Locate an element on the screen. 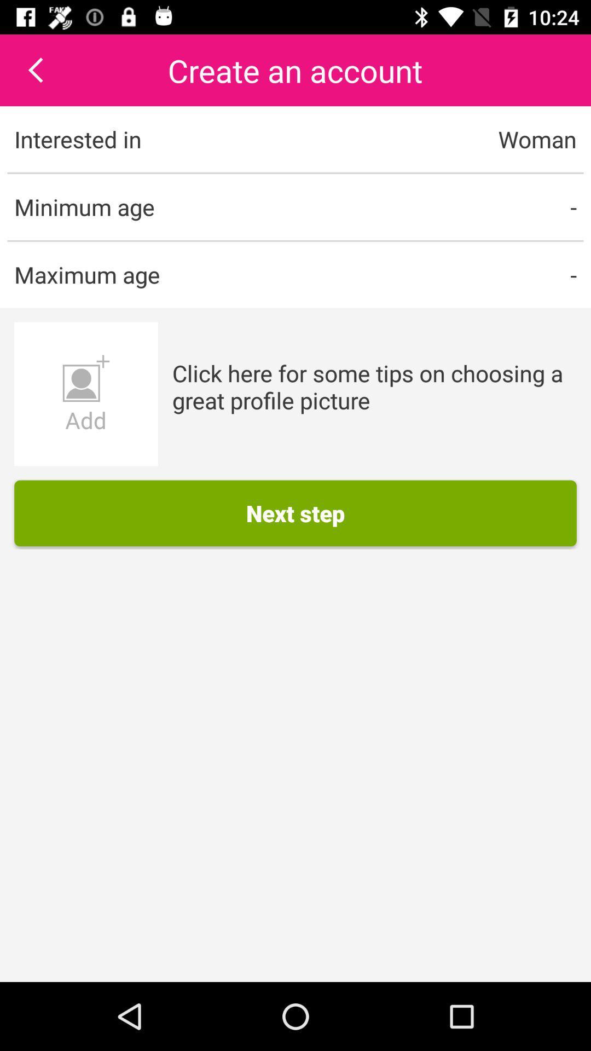 This screenshot has height=1051, width=591. the next step icon is located at coordinates (296, 512).